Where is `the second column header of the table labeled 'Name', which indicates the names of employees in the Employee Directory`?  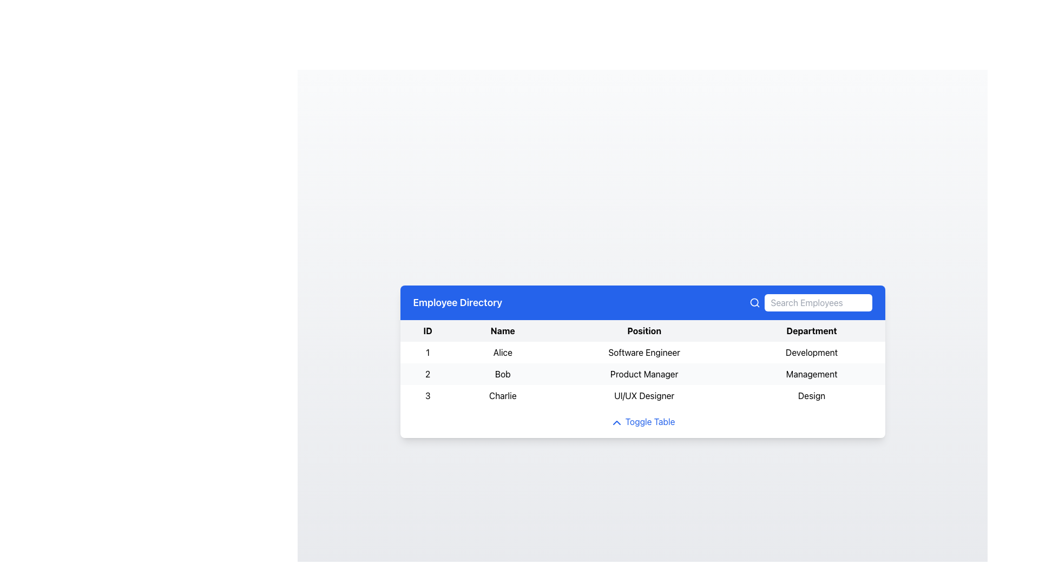
the second column header of the table labeled 'Name', which indicates the names of employees in the Employee Directory is located at coordinates (502, 330).